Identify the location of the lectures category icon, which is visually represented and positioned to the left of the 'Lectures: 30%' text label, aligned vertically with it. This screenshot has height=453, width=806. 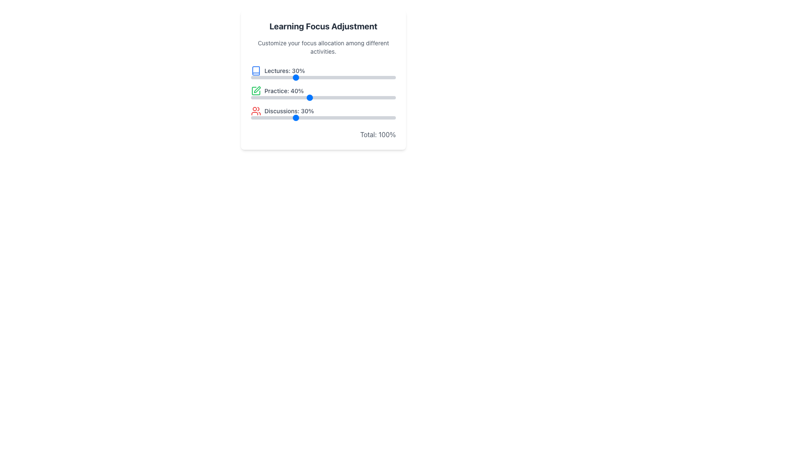
(255, 70).